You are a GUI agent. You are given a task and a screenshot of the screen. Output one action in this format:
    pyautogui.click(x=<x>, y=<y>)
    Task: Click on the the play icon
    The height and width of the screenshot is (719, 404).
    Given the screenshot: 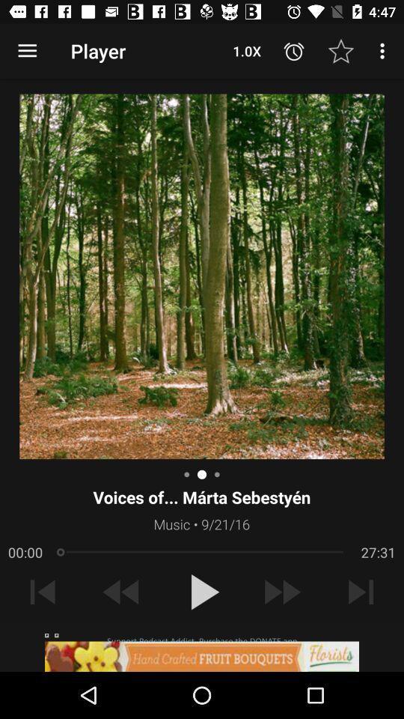 What is the action you would take?
    pyautogui.click(x=201, y=592)
    